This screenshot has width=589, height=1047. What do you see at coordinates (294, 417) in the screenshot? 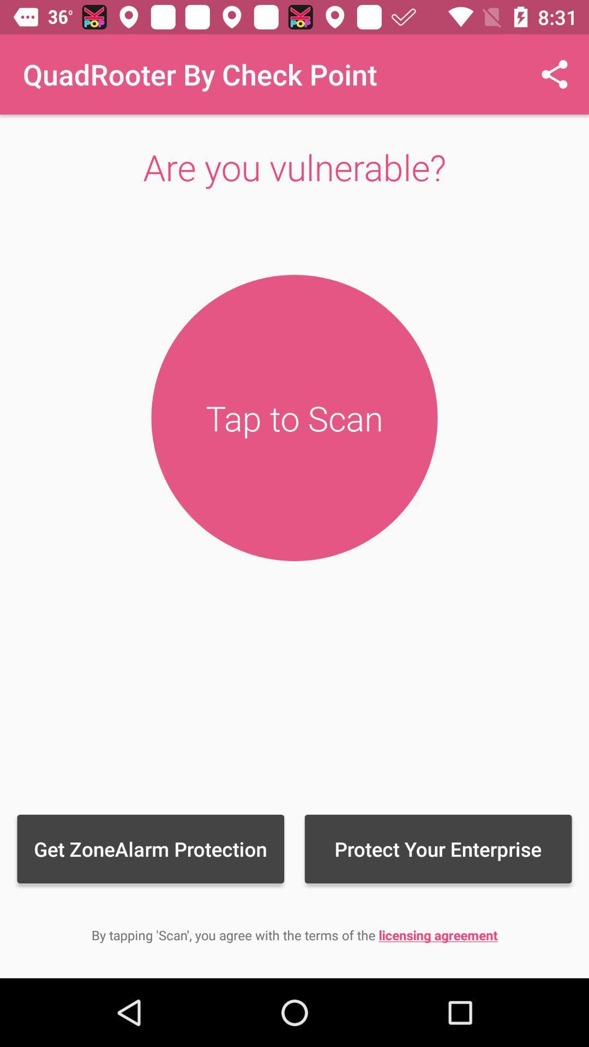
I see `button to scan something` at bounding box center [294, 417].